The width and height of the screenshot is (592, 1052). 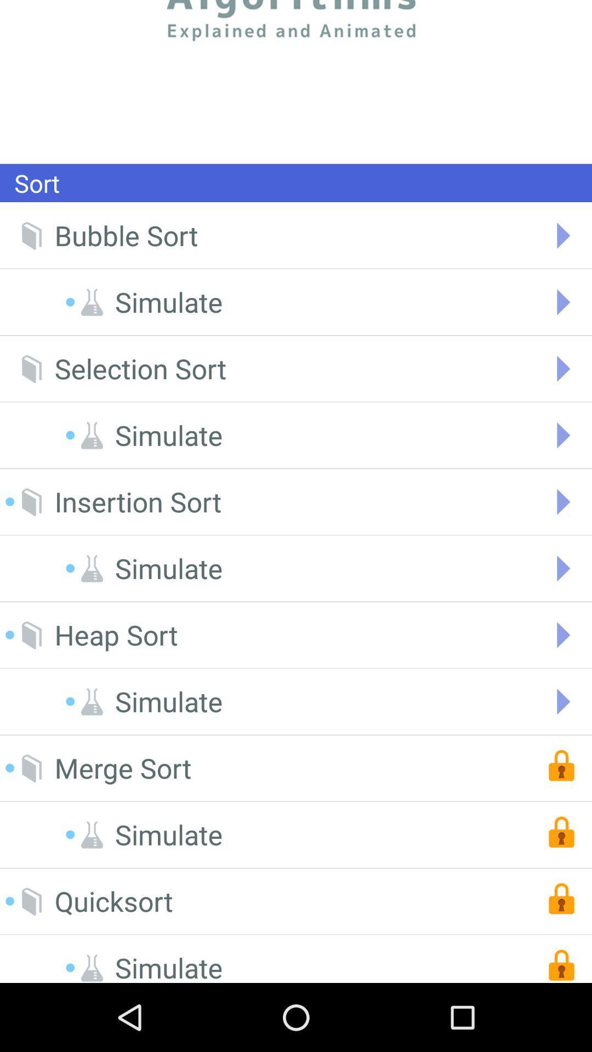 I want to click on icon below the simulate icon, so click(x=140, y=369).